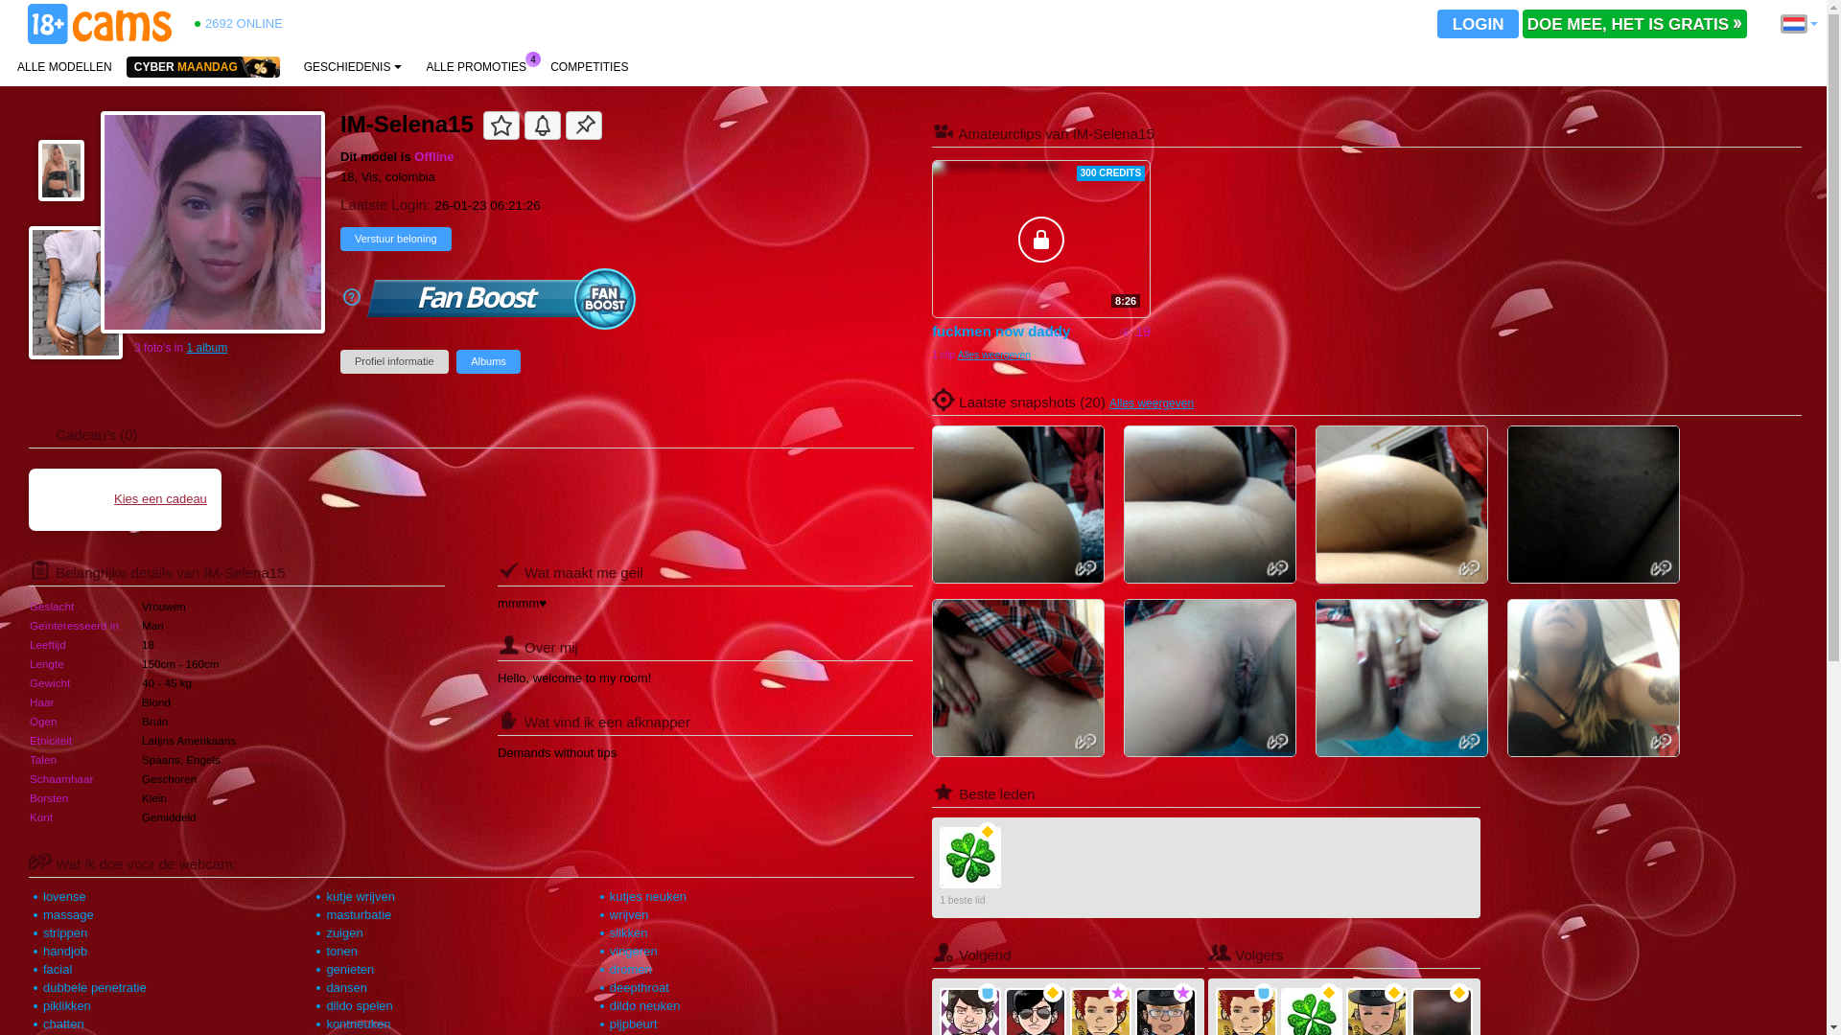  What do you see at coordinates (644, 1004) in the screenshot?
I see `'dildo neuken'` at bounding box center [644, 1004].